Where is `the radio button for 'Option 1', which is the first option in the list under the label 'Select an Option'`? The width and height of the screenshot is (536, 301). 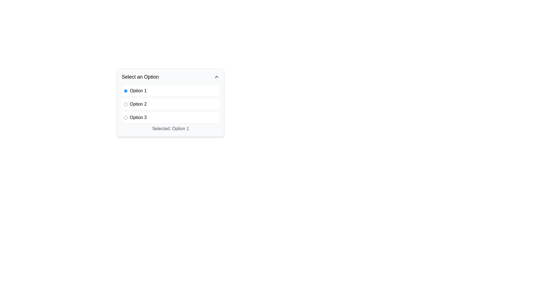
the radio button for 'Option 1', which is the first option in the list under the label 'Select an Option' is located at coordinates (125, 91).